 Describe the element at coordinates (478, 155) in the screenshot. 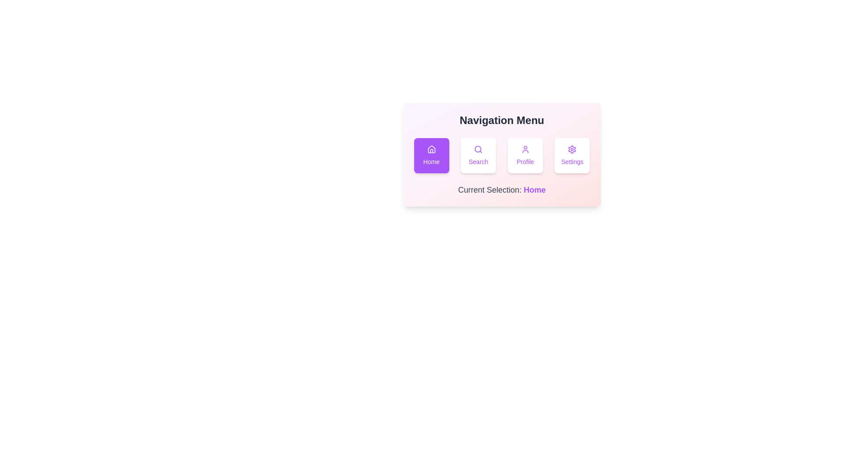

I see `the Search button to change the selection` at that location.